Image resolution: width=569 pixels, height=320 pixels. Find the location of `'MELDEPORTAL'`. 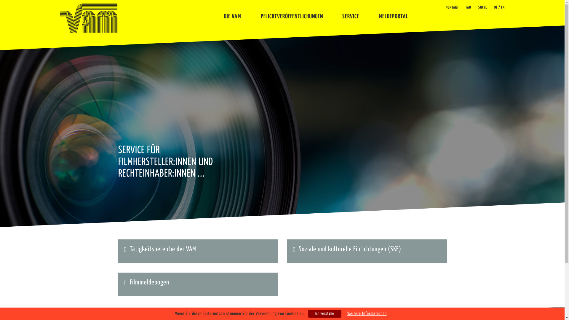

'MELDEPORTAL' is located at coordinates (378, 14).